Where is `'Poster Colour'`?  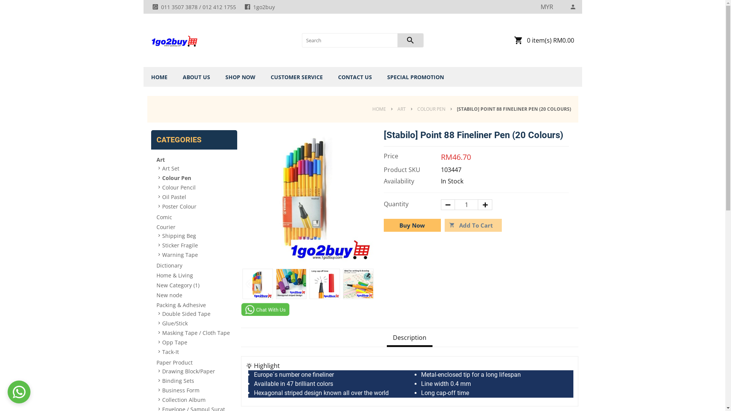
'Poster Colour' is located at coordinates (197, 206).